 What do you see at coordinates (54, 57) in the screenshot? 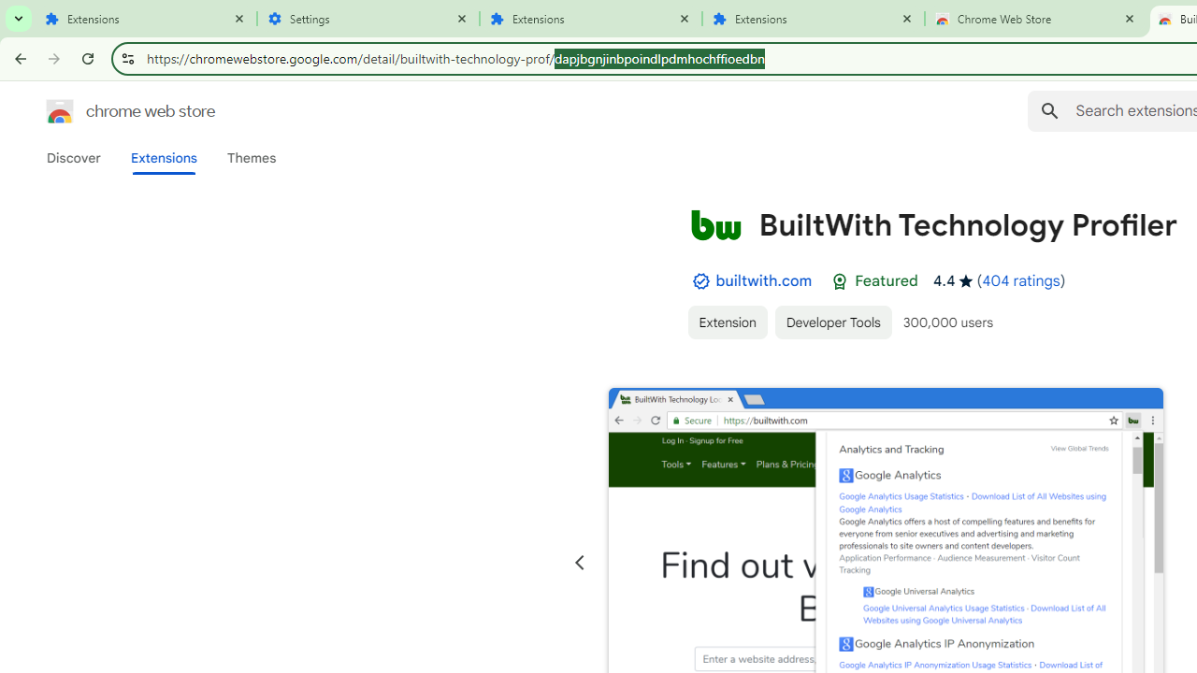
I see `'Forward'` at bounding box center [54, 57].